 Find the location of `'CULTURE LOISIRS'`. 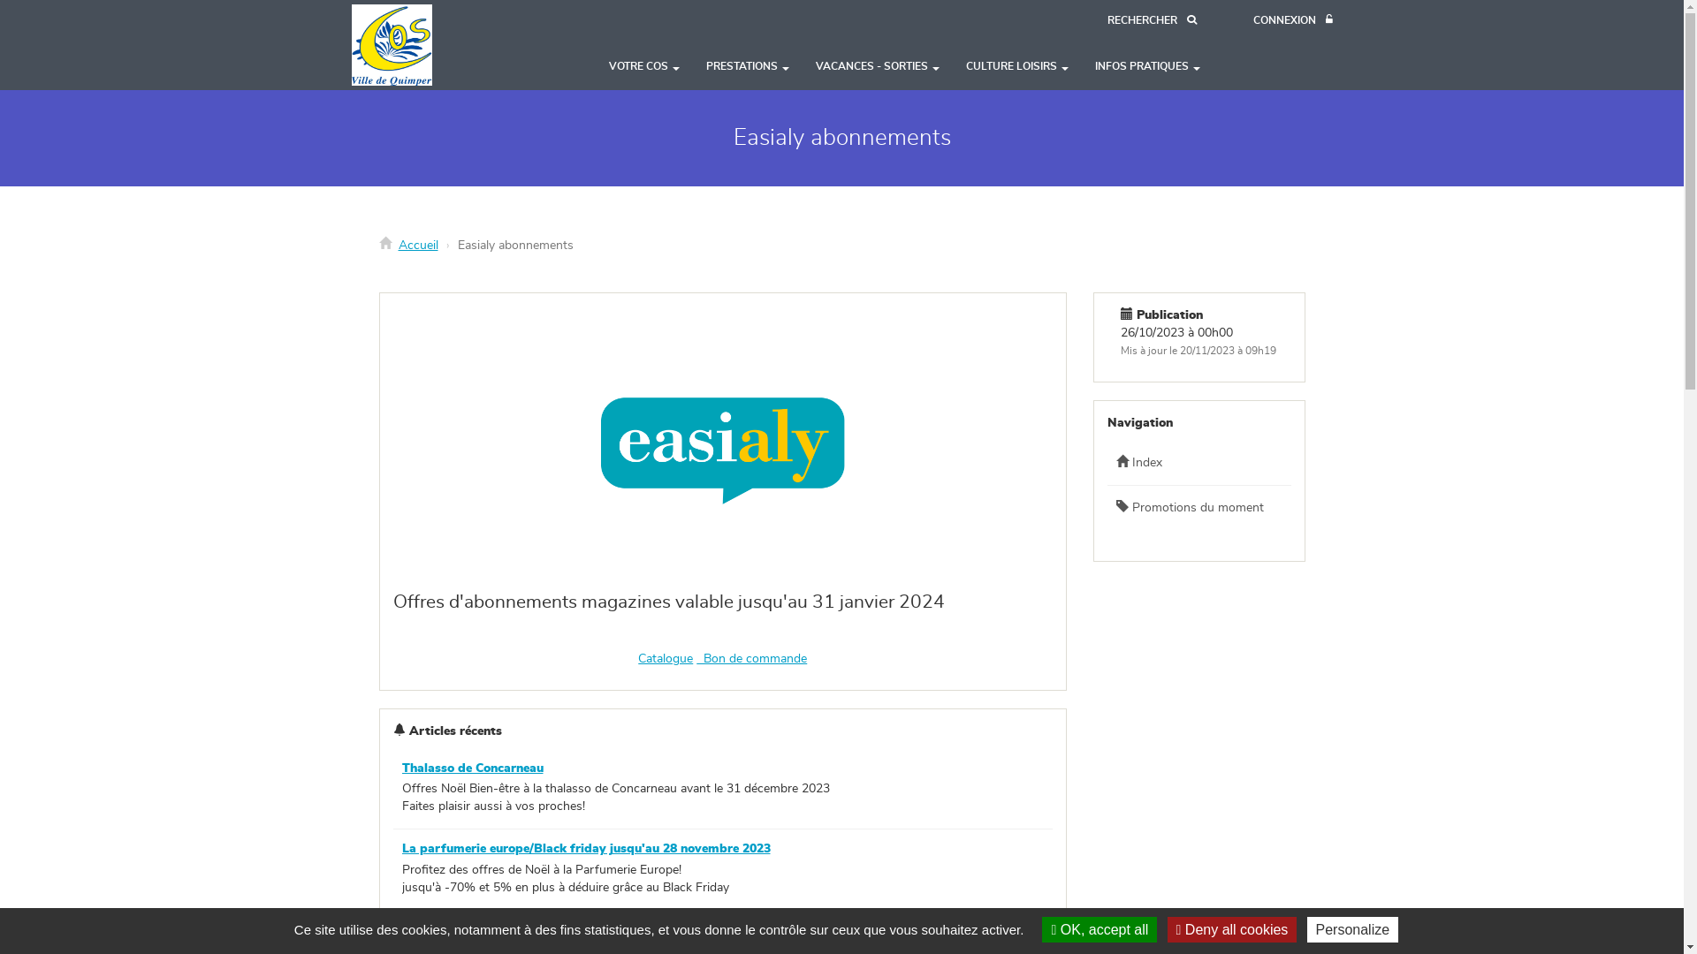

'CULTURE LOISIRS' is located at coordinates (1017, 64).